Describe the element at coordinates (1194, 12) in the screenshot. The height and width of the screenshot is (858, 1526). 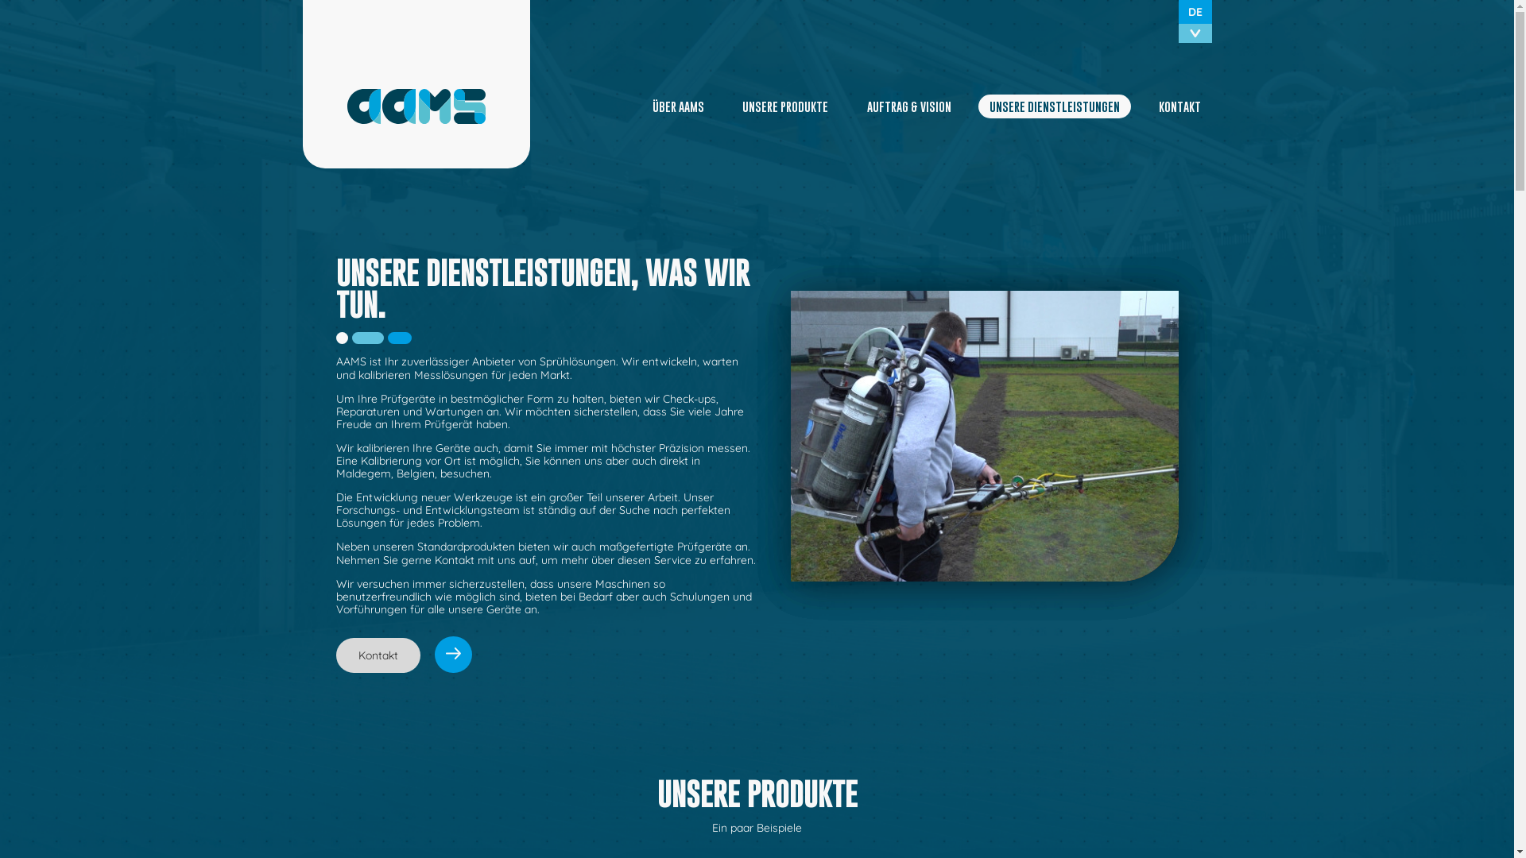
I see `'DE'` at that location.